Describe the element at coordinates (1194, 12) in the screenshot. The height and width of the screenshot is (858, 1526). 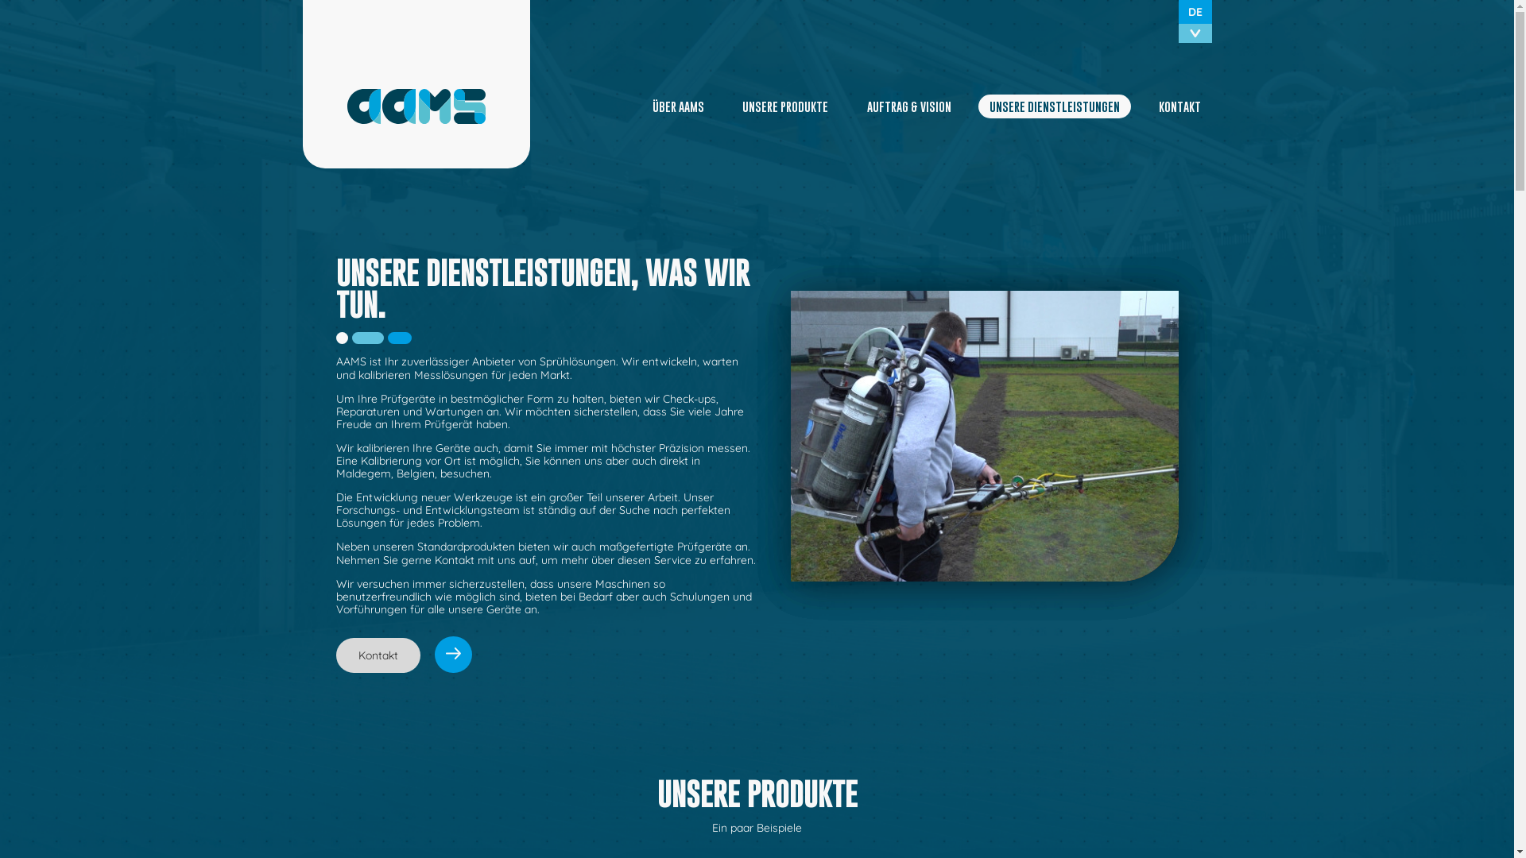
I see `'DE'` at that location.